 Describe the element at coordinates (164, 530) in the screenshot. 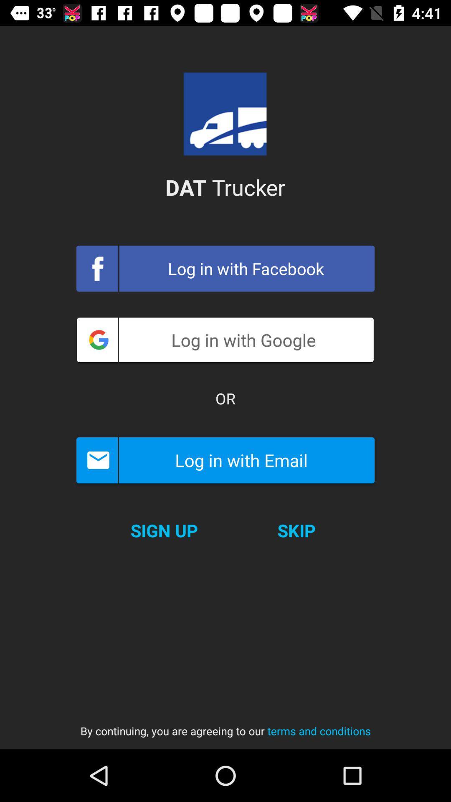

I see `sign up icon` at that location.